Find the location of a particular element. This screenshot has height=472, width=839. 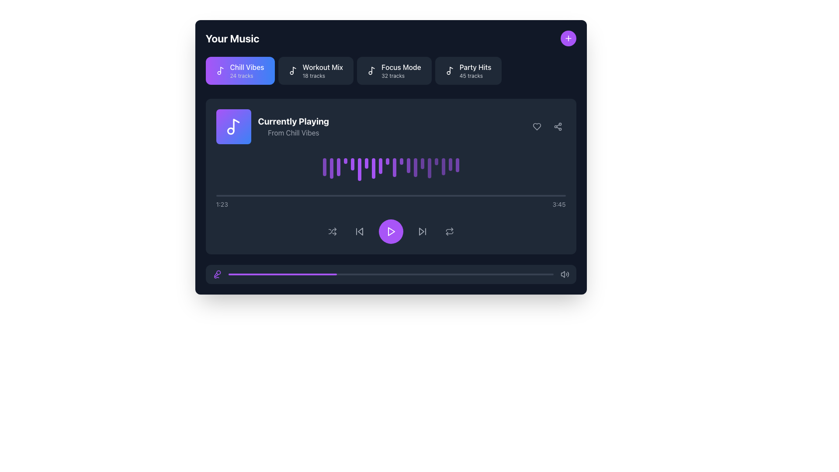

the 20th purple bar in the waveform visualization of the 'Currently Playing' section is located at coordinates (457, 165).